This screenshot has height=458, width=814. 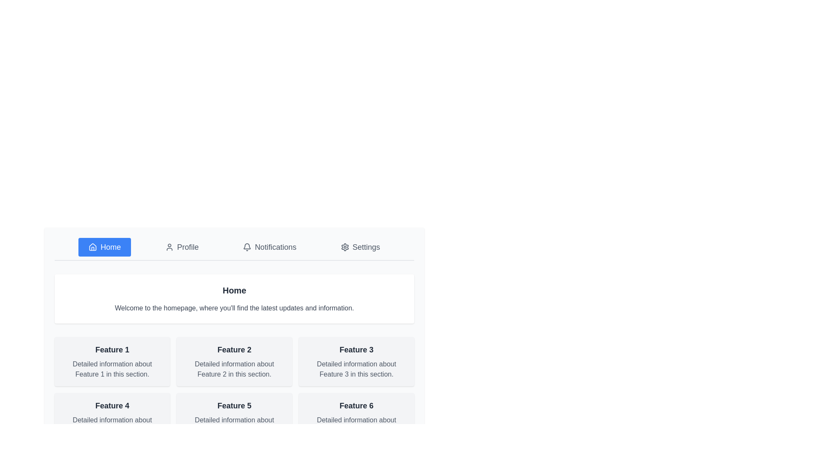 I want to click on the settings icon located in the upper right section of the navigation bar, so click(x=345, y=247).